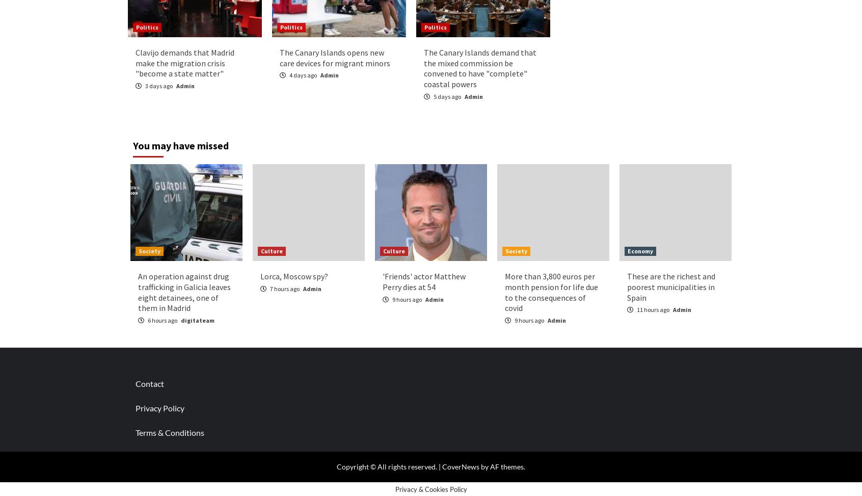  I want to click on 'Privacy Policy', so click(135, 407).